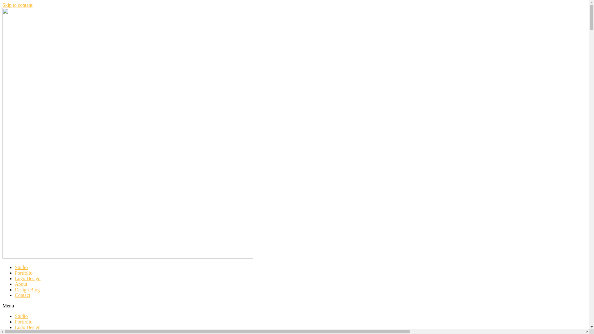  Describe the element at coordinates (27, 278) in the screenshot. I see `'Logo Design'` at that location.